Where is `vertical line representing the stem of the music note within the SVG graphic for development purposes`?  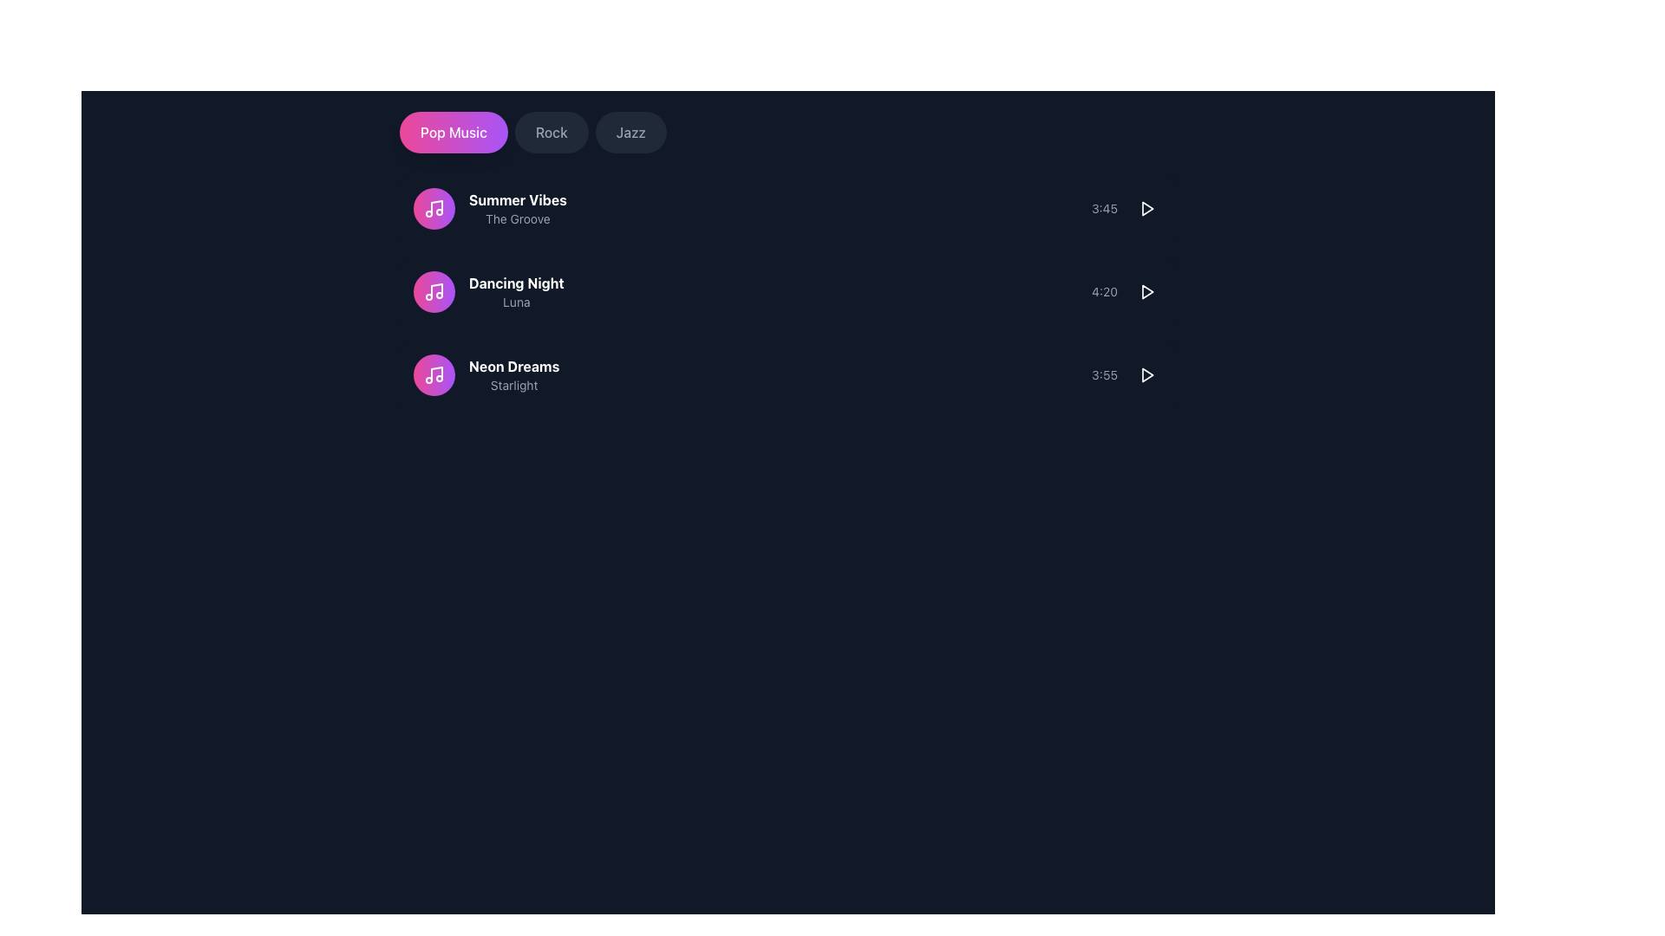 vertical line representing the stem of the music note within the SVG graphic for development purposes is located at coordinates (437, 289).